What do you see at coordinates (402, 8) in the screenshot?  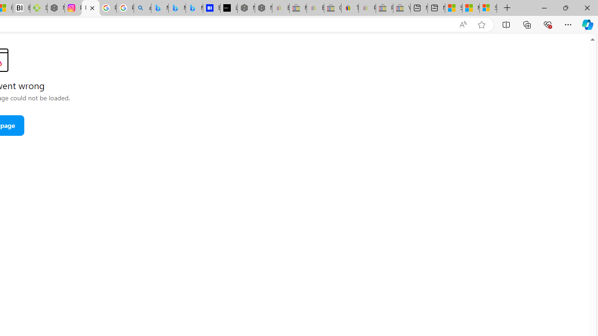 I see `'Yard, Garden & Outdoor Living - Sleeping'` at bounding box center [402, 8].